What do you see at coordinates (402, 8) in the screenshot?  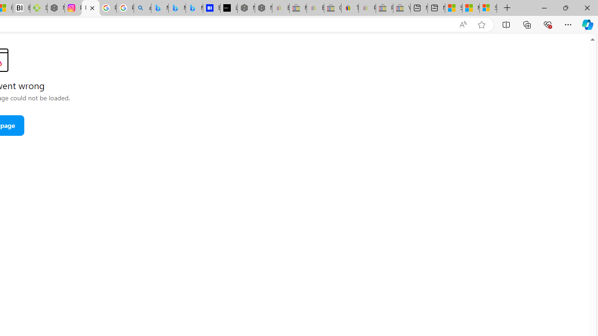 I see `'Yard, Garden & Outdoor Living - Sleeping'` at bounding box center [402, 8].